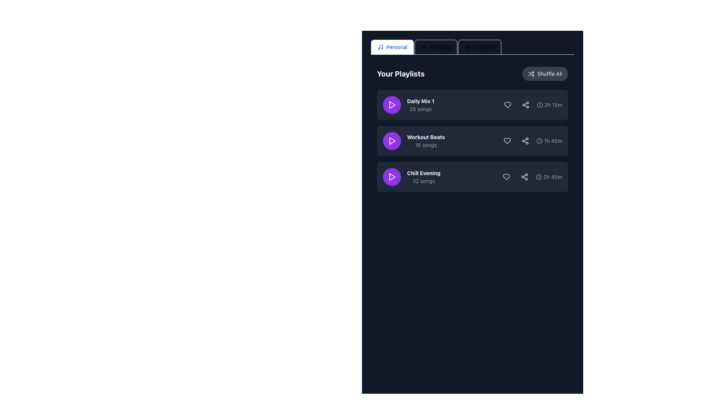 This screenshot has height=405, width=721. What do you see at coordinates (539, 105) in the screenshot?
I see `the circular outline of the clock icon located to the right of the 'Daily Mix 1' playlist in the playlist listing interface` at bounding box center [539, 105].